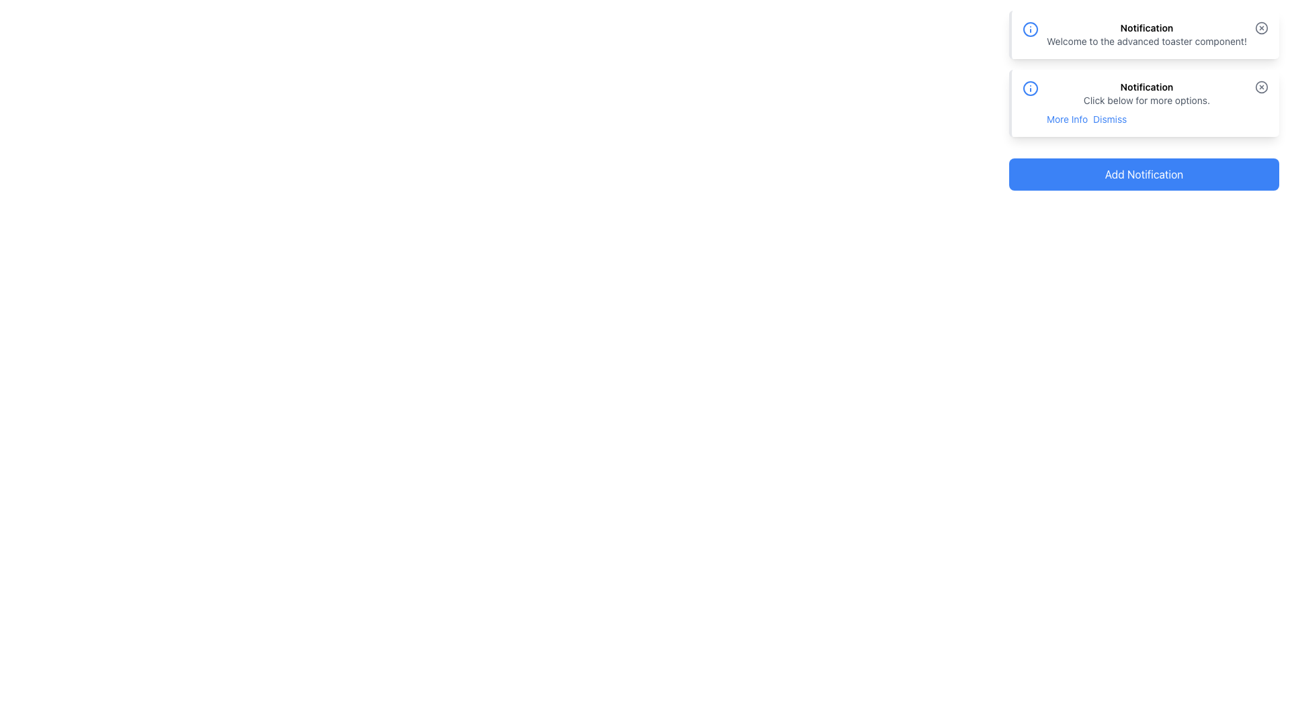 This screenshot has height=725, width=1290. What do you see at coordinates (1146, 103) in the screenshot?
I see `the 'More Info' and 'Dismiss' links in the second notification card to observe the hover effects` at bounding box center [1146, 103].